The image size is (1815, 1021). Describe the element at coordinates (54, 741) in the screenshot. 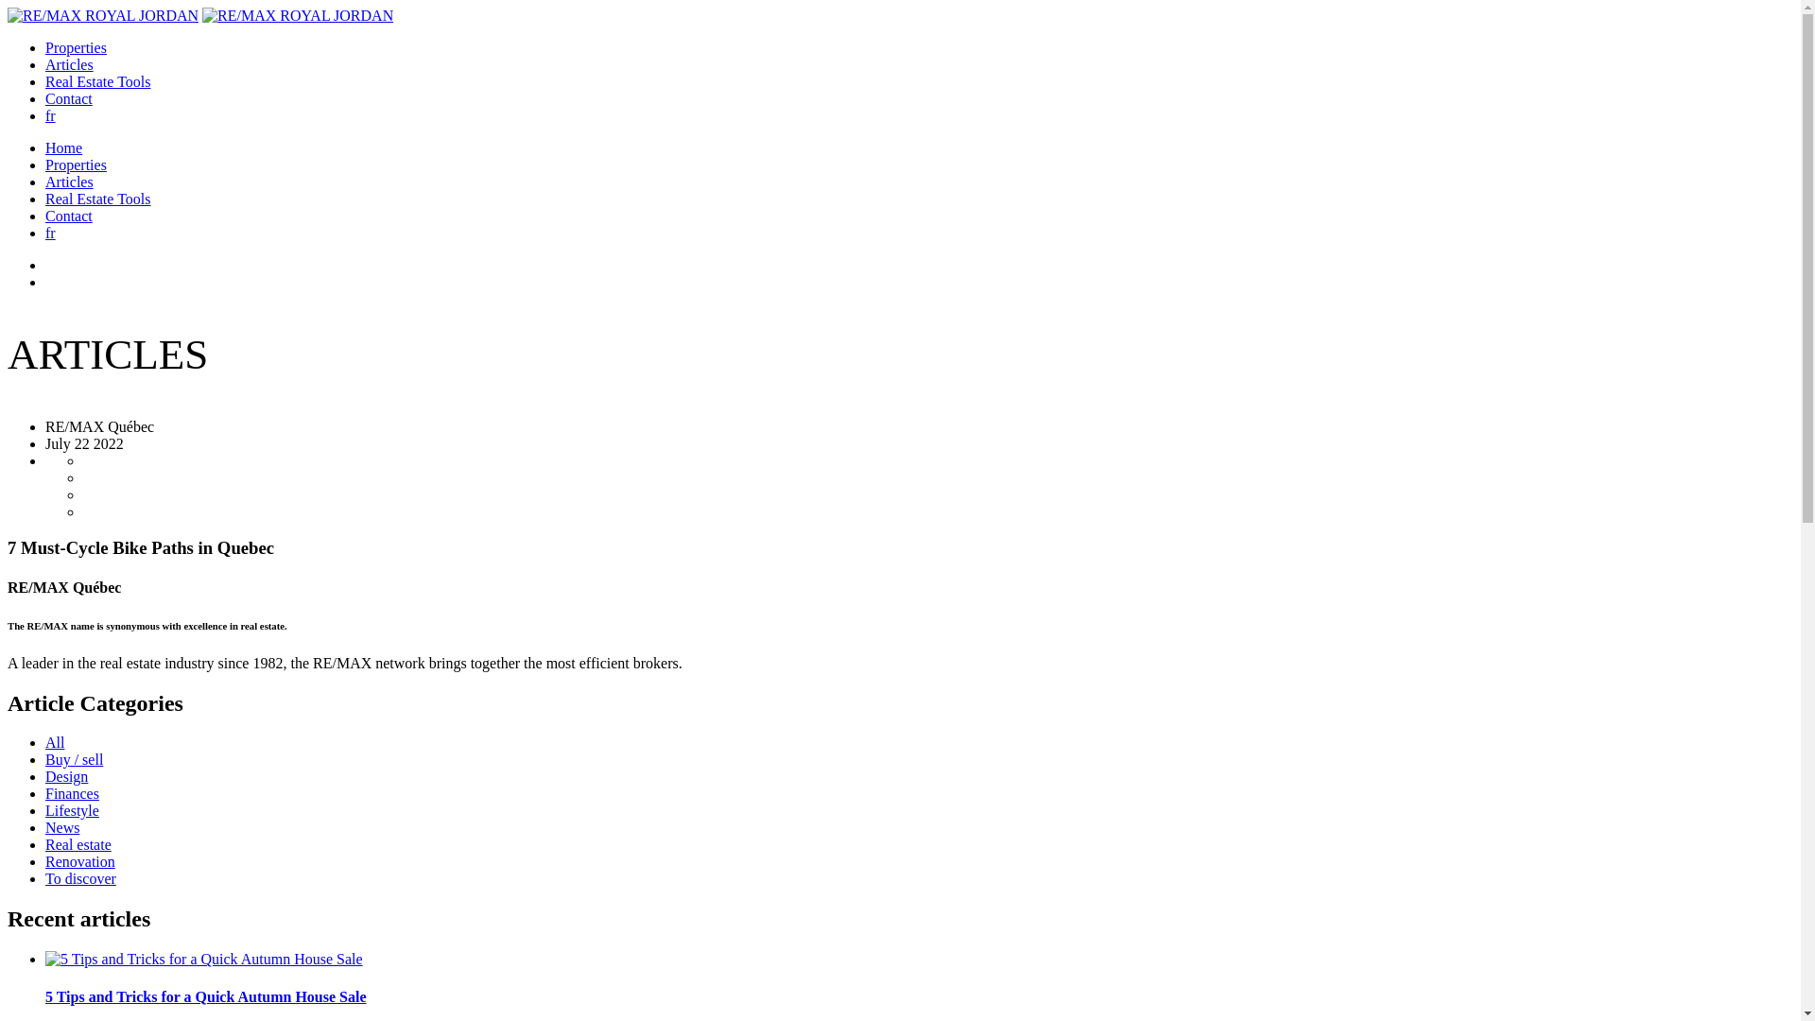

I see `'All'` at that location.